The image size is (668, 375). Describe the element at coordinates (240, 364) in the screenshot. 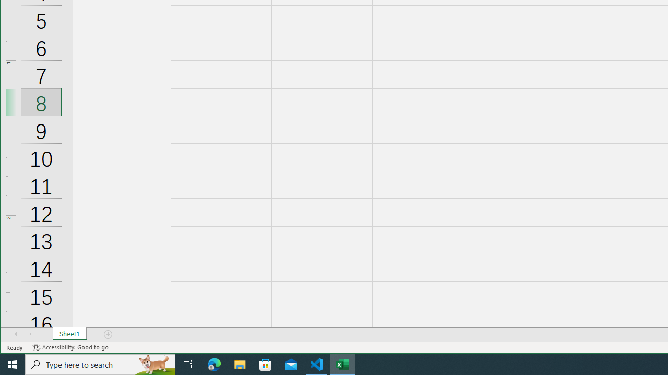

I see `'File Explorer'` at that location.